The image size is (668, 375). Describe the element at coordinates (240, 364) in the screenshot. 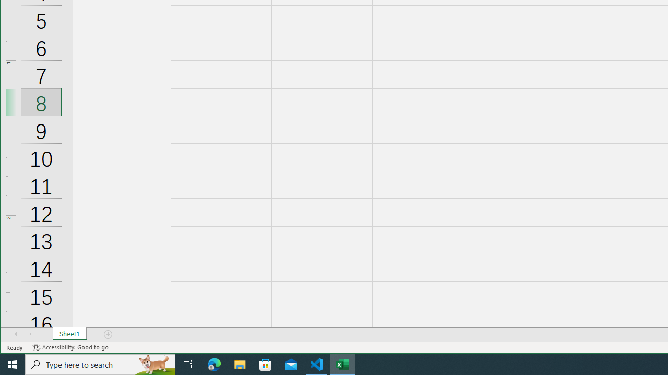

I see `'File Explorer'` at that location.